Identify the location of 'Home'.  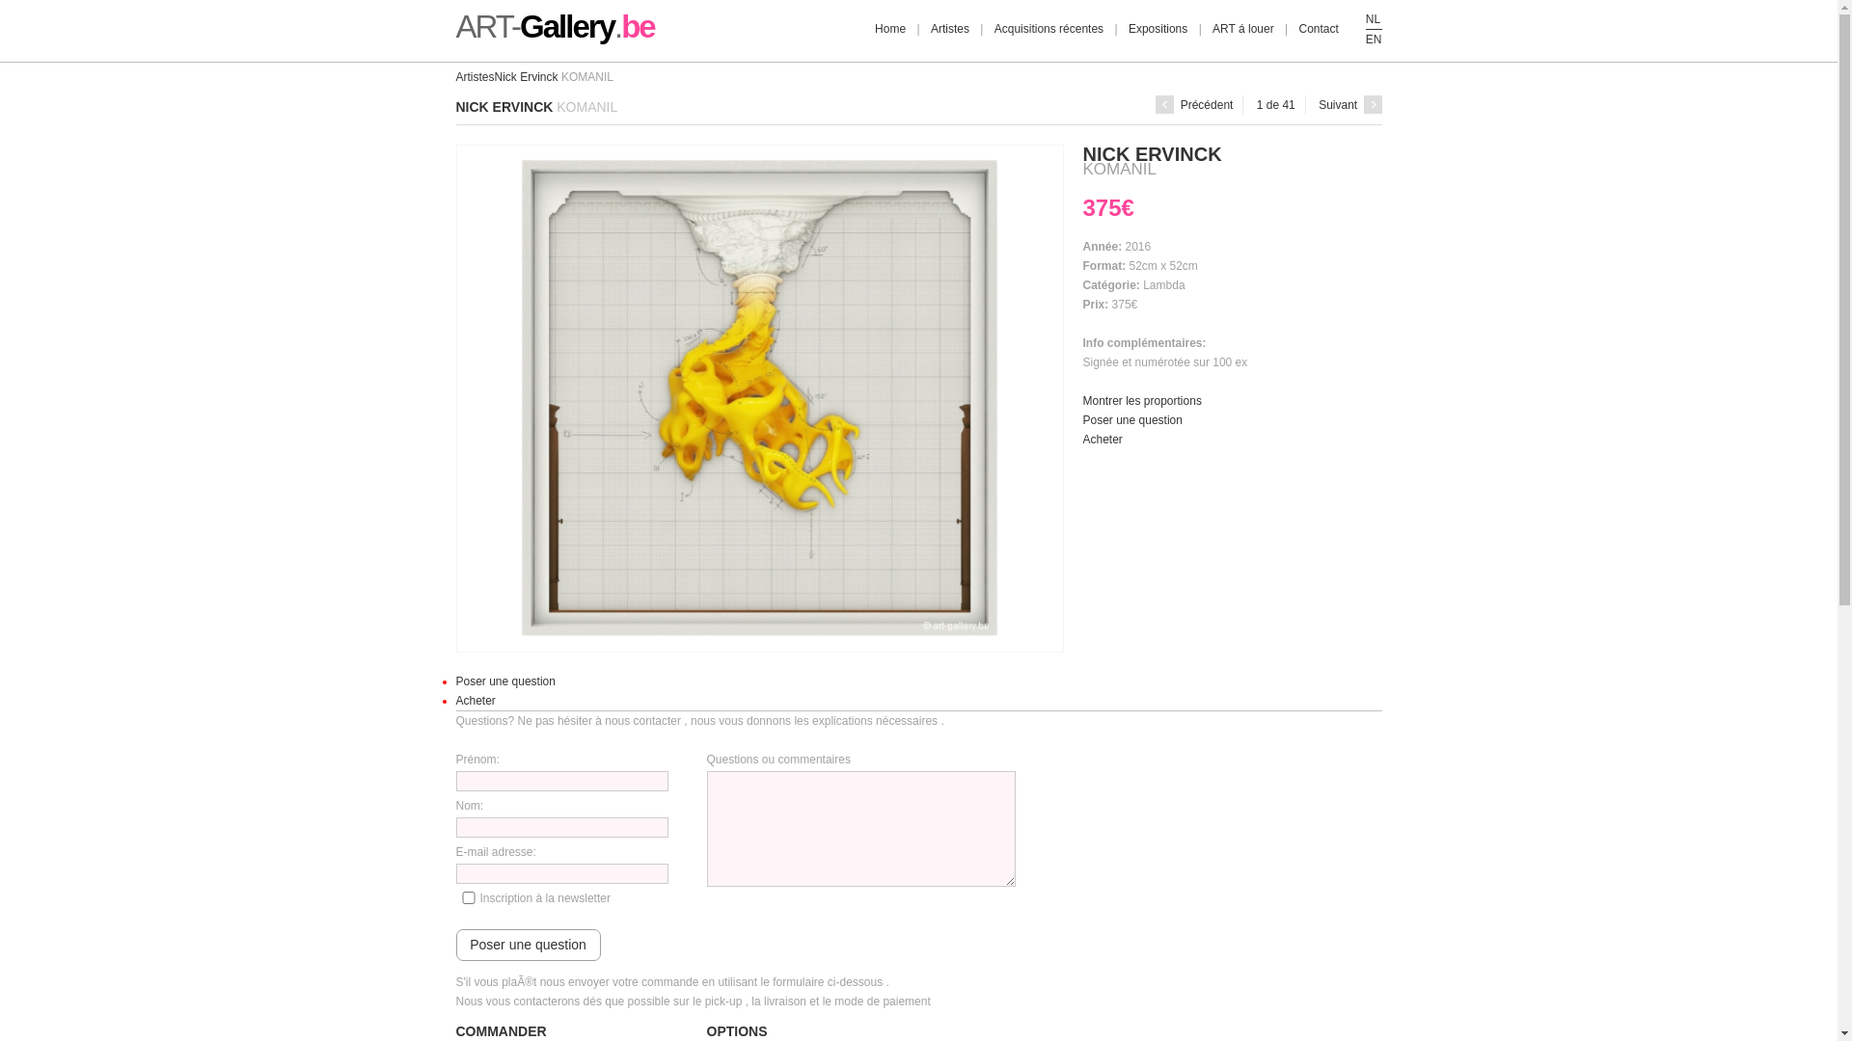
(888, 29).